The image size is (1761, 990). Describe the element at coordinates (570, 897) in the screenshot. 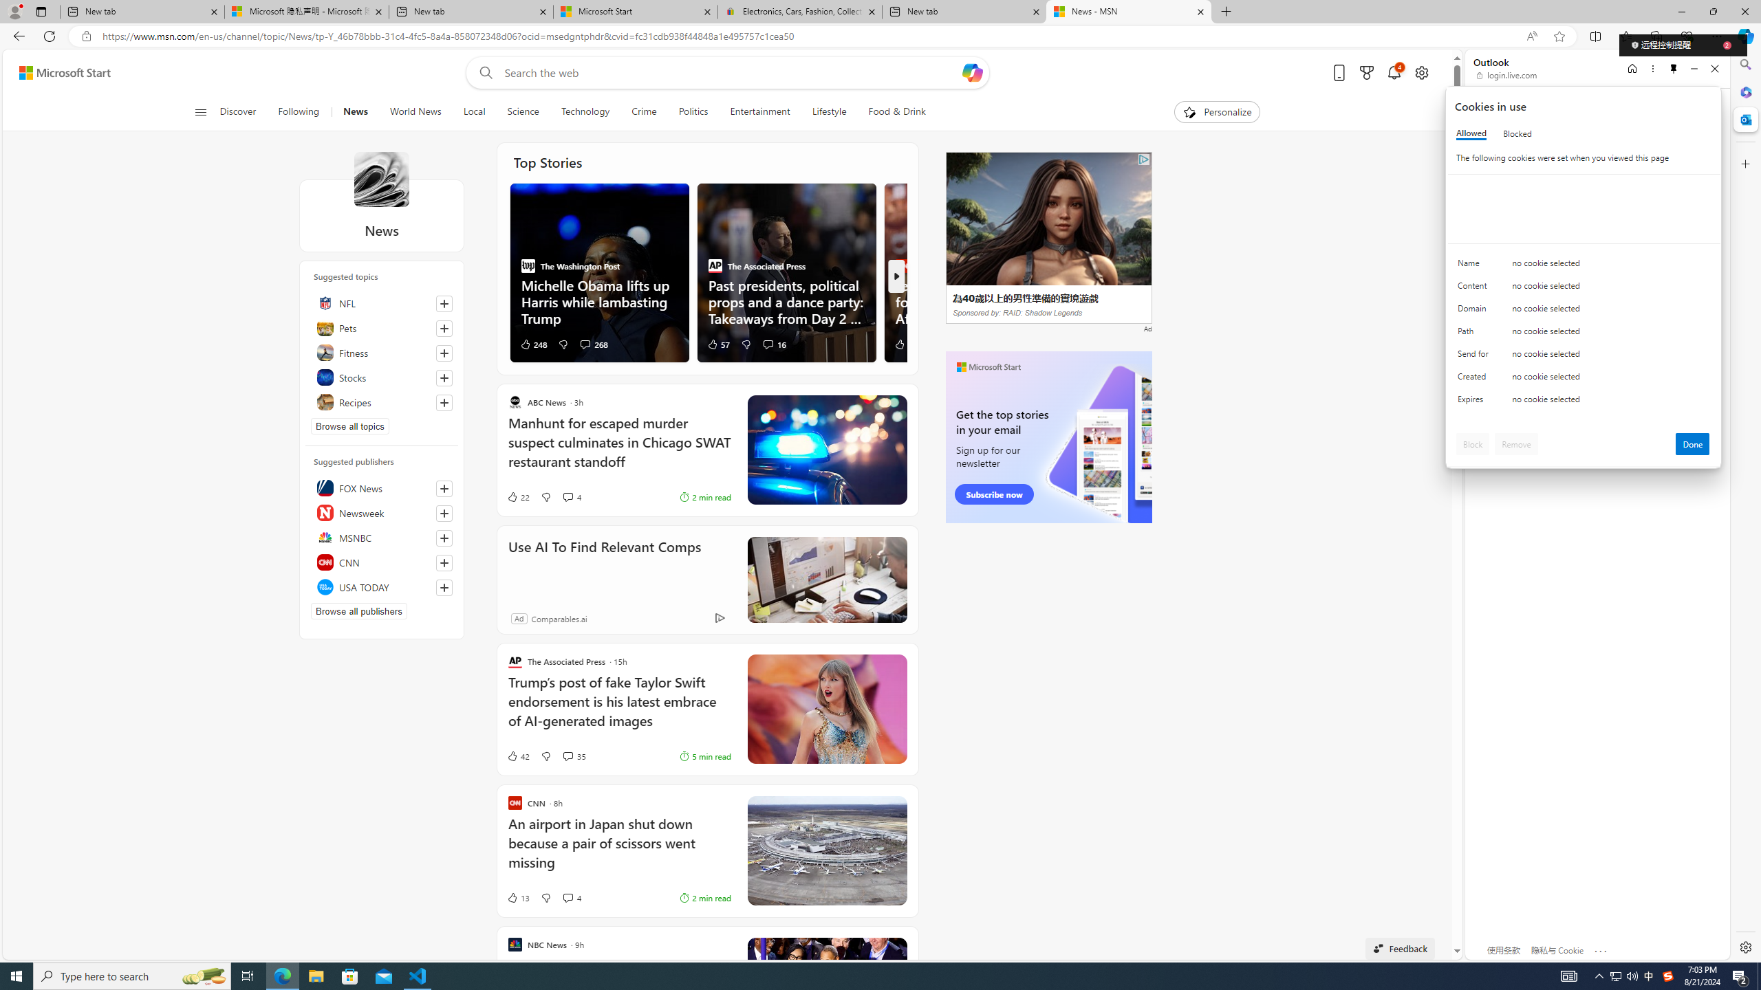

I see `'View comments 4 Comment'` at that location.